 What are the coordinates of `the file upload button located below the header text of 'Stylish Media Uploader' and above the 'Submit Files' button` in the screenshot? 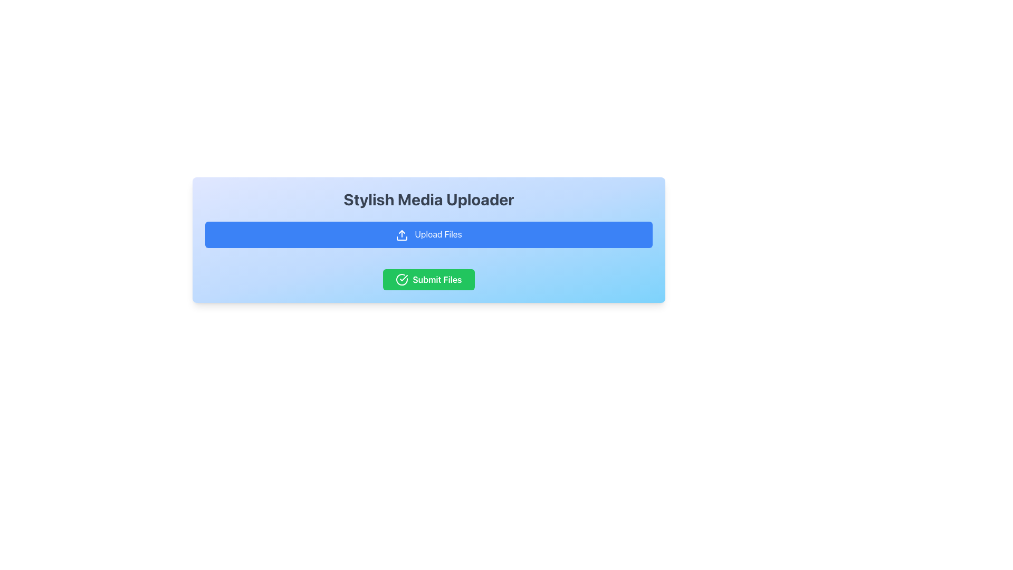 It's located at (428, 233).